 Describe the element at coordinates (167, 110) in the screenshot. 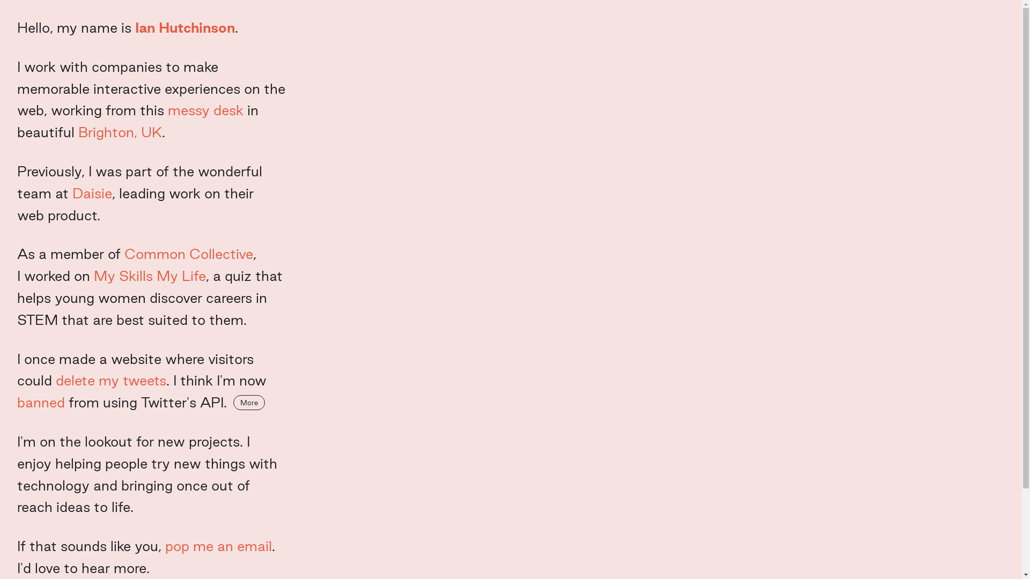

I see `'messy desk'` at that location.